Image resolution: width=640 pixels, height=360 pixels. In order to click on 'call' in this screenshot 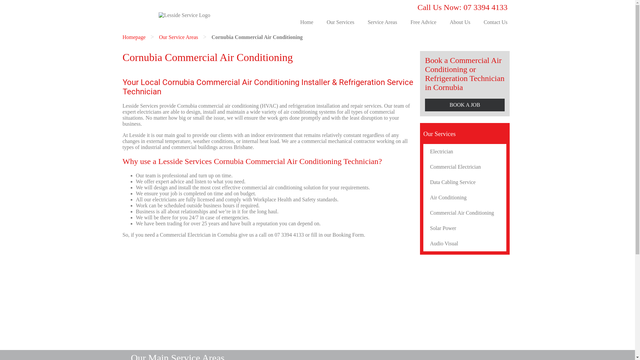, I will do `click(262, 234)`.